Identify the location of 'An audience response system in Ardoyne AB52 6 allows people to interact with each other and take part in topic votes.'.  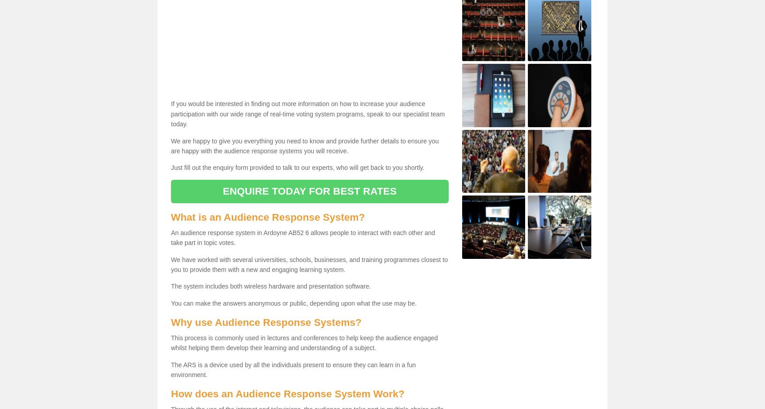
(303, 237).